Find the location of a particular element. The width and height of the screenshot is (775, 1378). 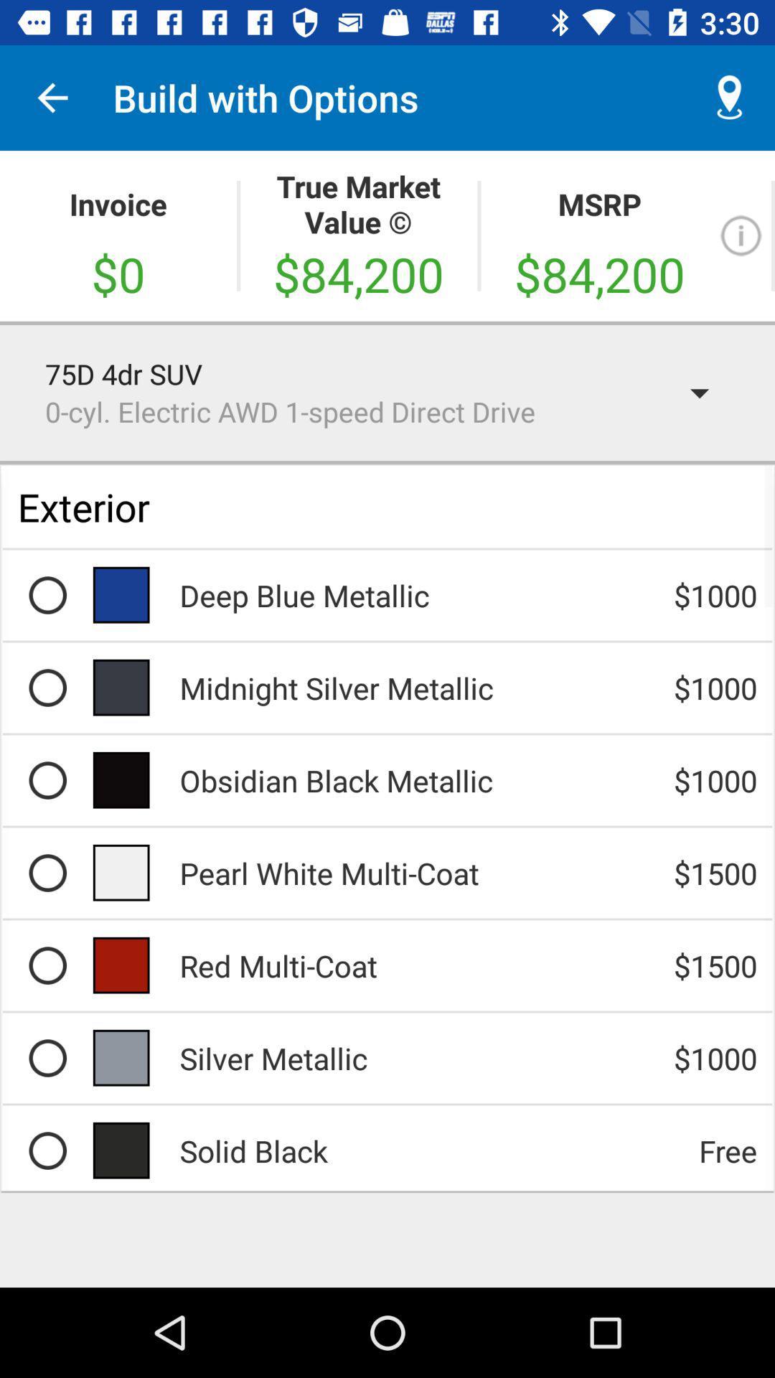

color option is located at coordinates (47, 779).